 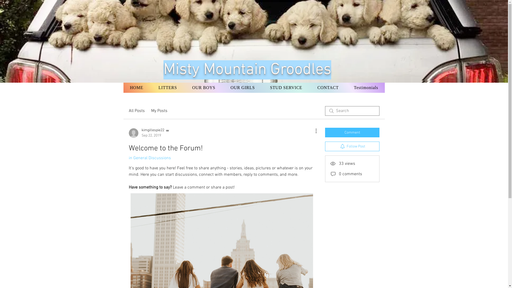 I want to click on 'HOME', so click(x=123, y=87).